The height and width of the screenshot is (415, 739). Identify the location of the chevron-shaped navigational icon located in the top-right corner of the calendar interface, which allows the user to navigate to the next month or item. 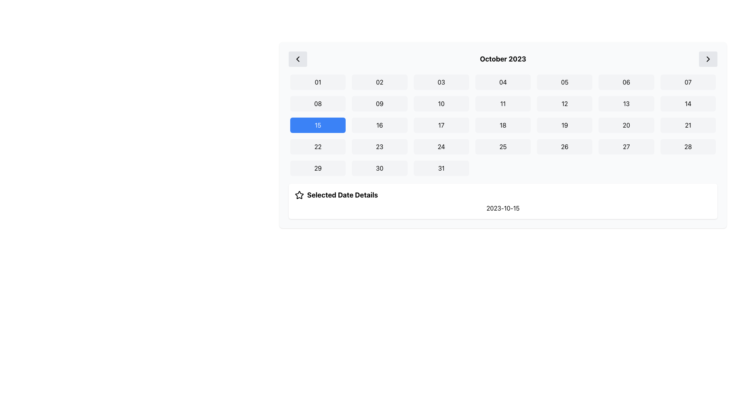
(708, 59).